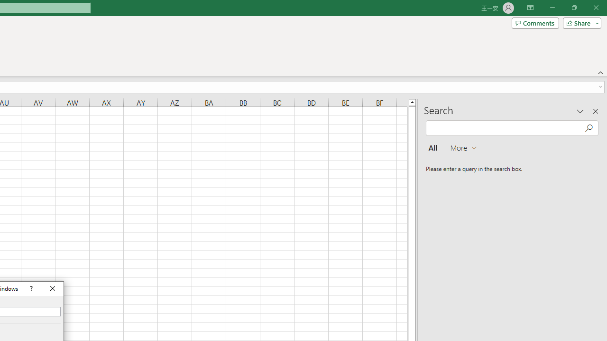 This screenshot has width=607, height=341. What do you see at coordinates (580, 111) in the screenshot?
I see `'Task Pane Options'` at bounding box center [580, 111].